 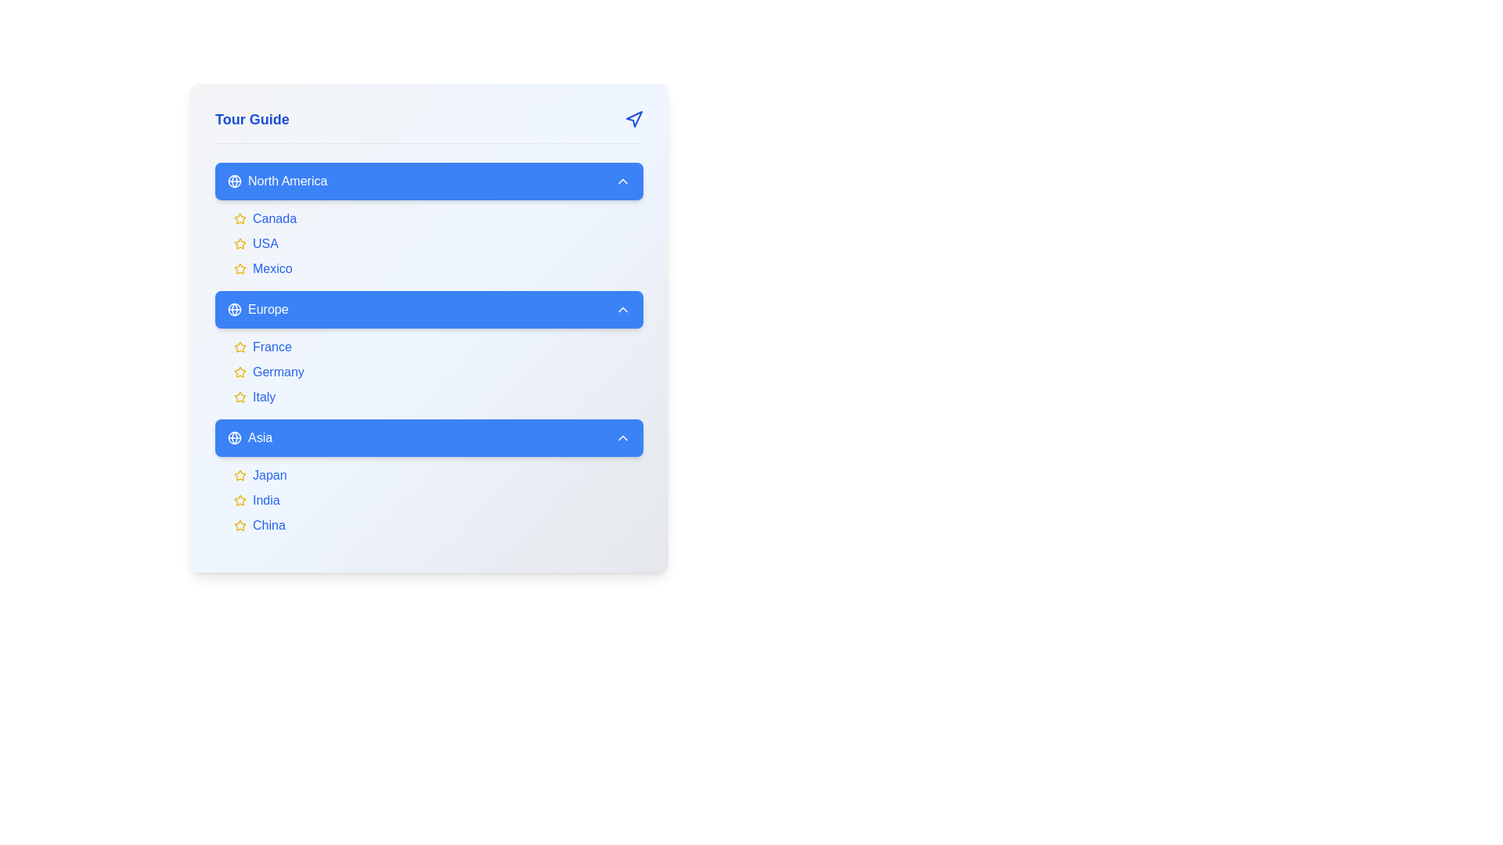 What do you see at coordinates (272, 268) in the screenshot?
I see `the hyperlink that redirects to the 'Mexico' section, which is the third item in the list under 'North America', positioned below 'Canada' and 'USA', and adjacent to a star icon on its left` at bounding box center [272, 268].